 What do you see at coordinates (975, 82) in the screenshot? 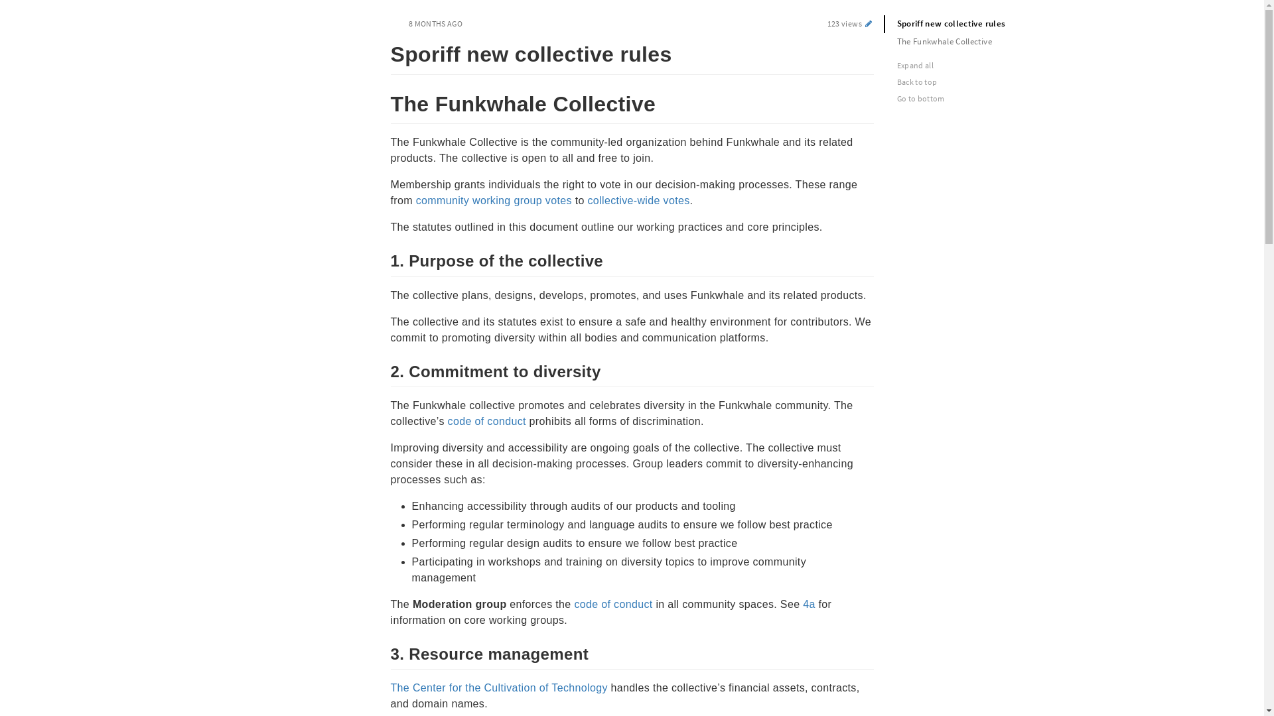
I see `'Back to top'` at bounding box center [975, 82].